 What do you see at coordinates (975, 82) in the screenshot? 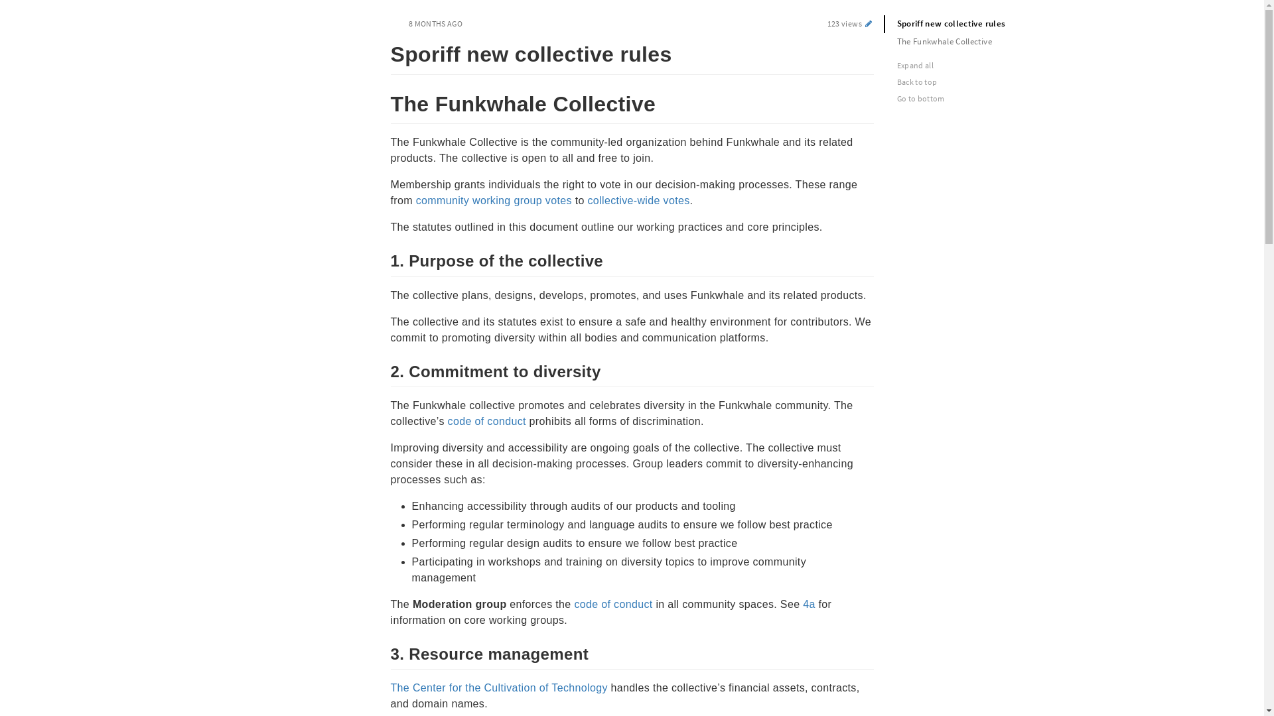
I see `'Back to top'` at bounding box center [975, 82].